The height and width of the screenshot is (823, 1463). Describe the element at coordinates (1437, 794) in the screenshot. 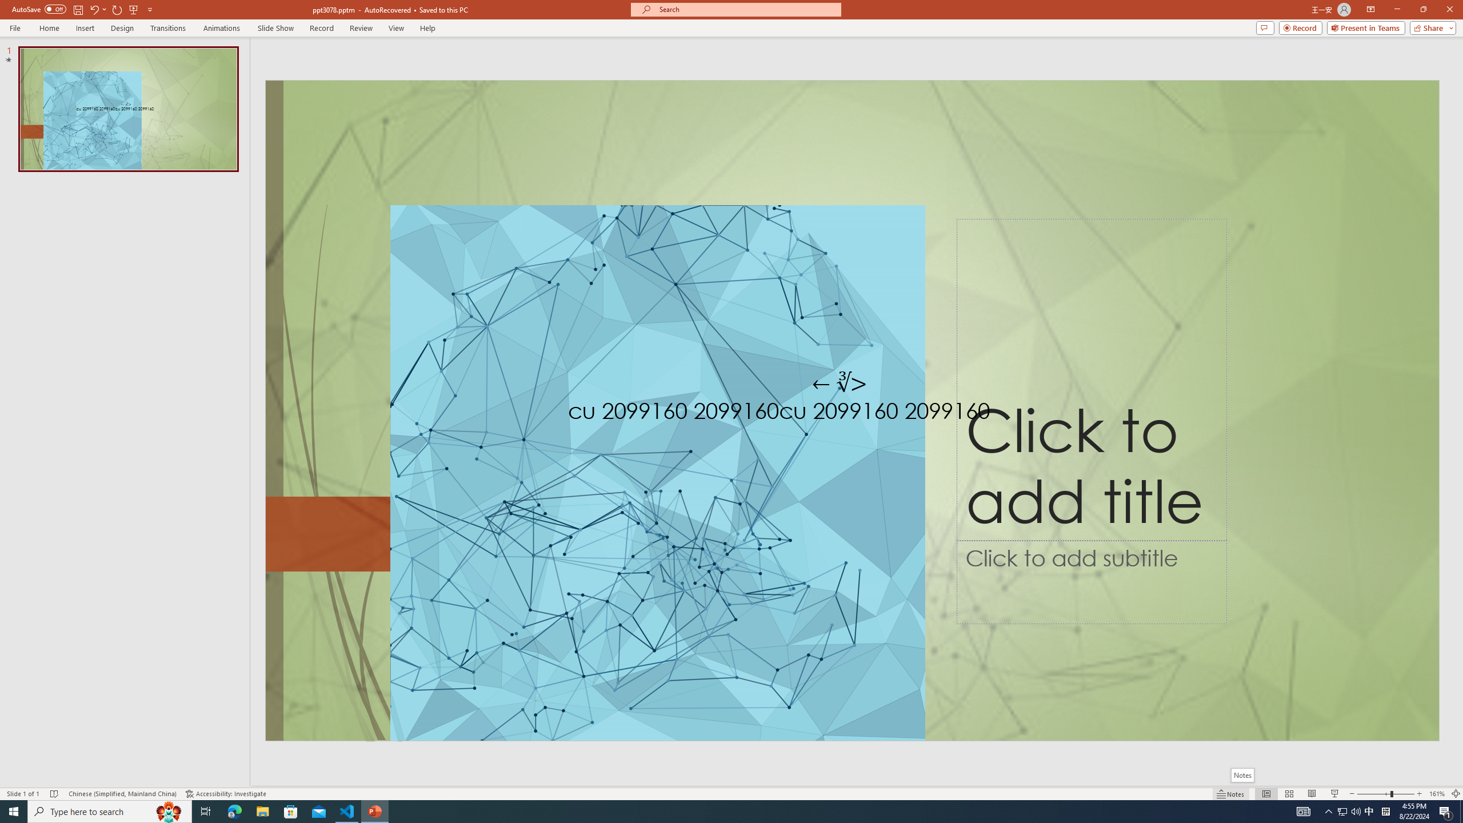

I see `'Zoom 161%'` at that location.